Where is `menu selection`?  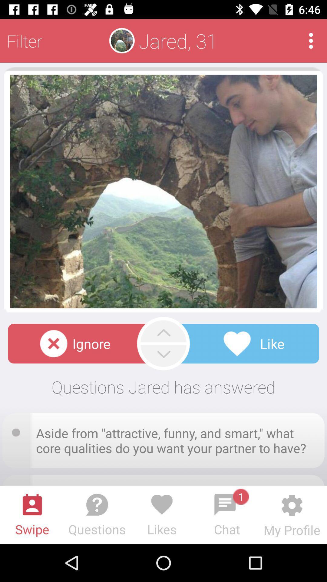
menu selection is located at coordinates (311, 40).